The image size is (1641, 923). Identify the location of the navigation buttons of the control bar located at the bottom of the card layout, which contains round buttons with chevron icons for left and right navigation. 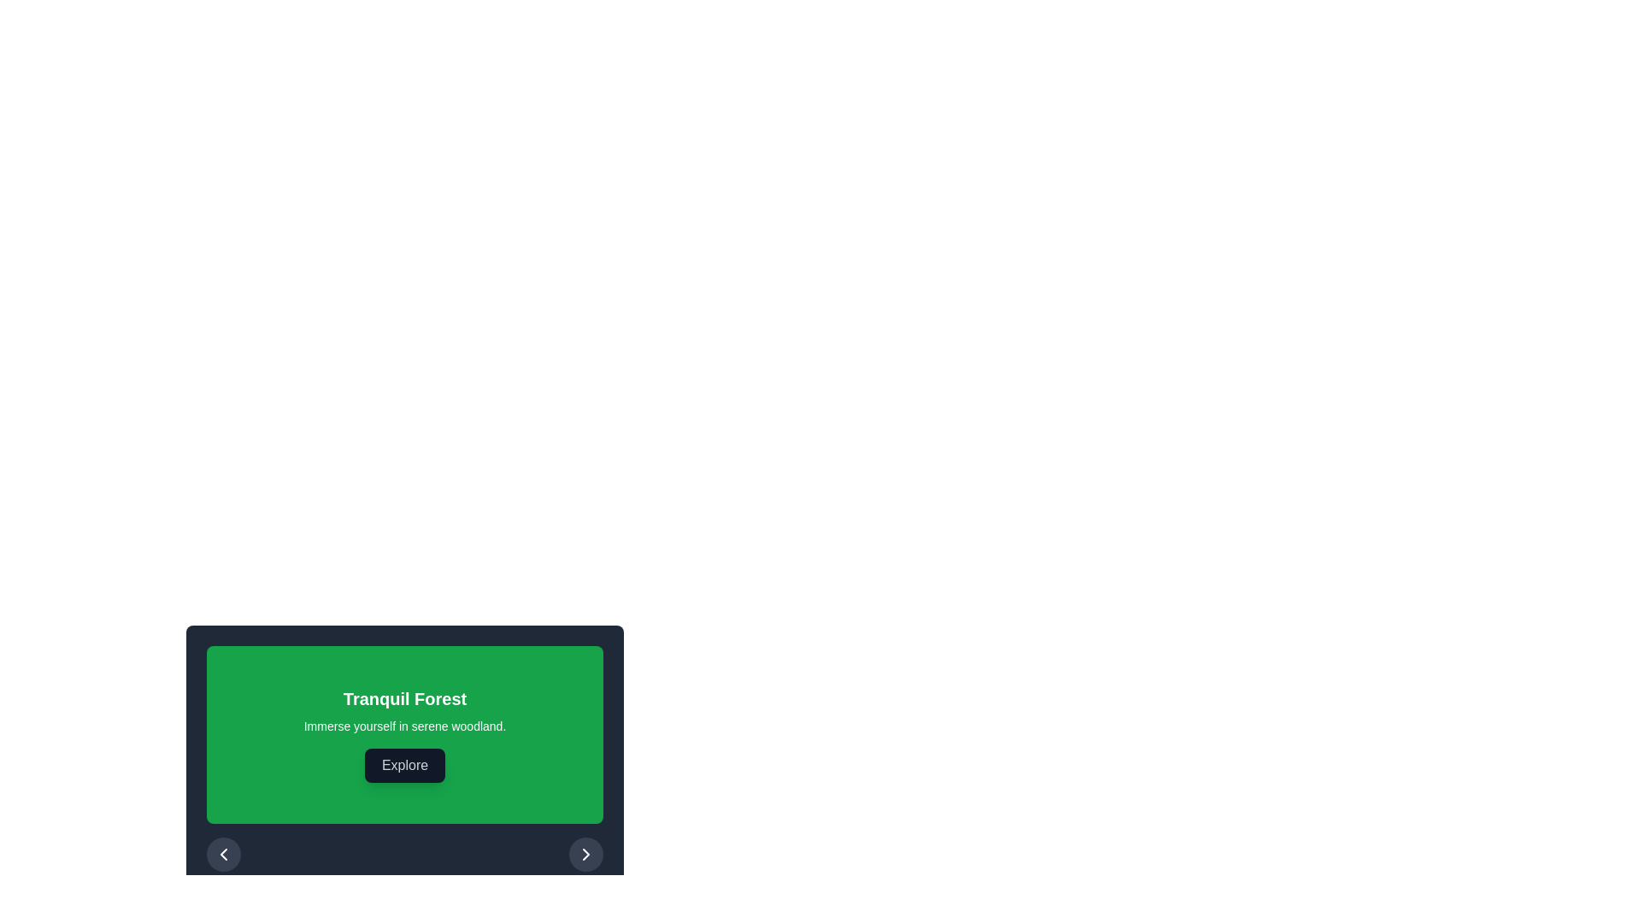
(404, 854).